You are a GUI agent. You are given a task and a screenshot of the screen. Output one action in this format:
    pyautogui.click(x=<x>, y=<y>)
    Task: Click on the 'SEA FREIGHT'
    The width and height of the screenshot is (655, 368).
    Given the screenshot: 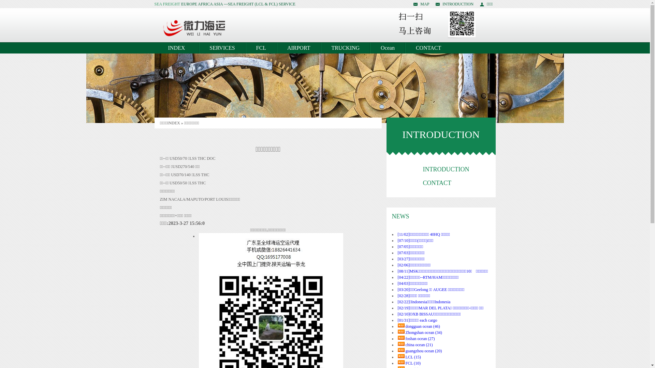 What is the action you would take?
    pyautogui.click(x=167, y=4)
    